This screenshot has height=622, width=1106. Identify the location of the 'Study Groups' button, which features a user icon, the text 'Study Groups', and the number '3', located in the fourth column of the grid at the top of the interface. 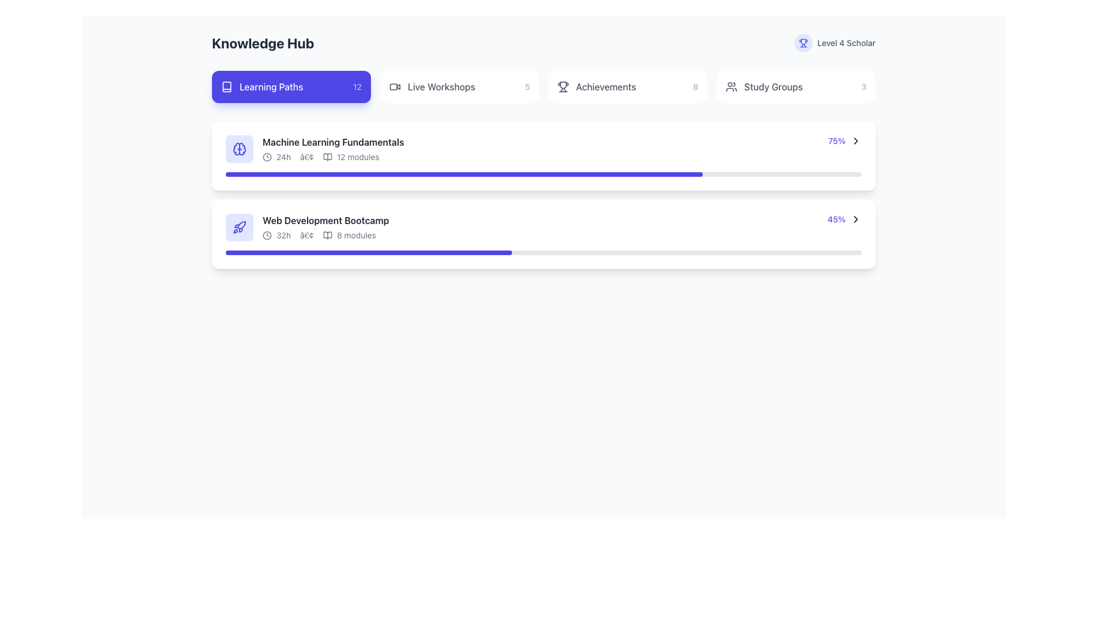
(796, 86).